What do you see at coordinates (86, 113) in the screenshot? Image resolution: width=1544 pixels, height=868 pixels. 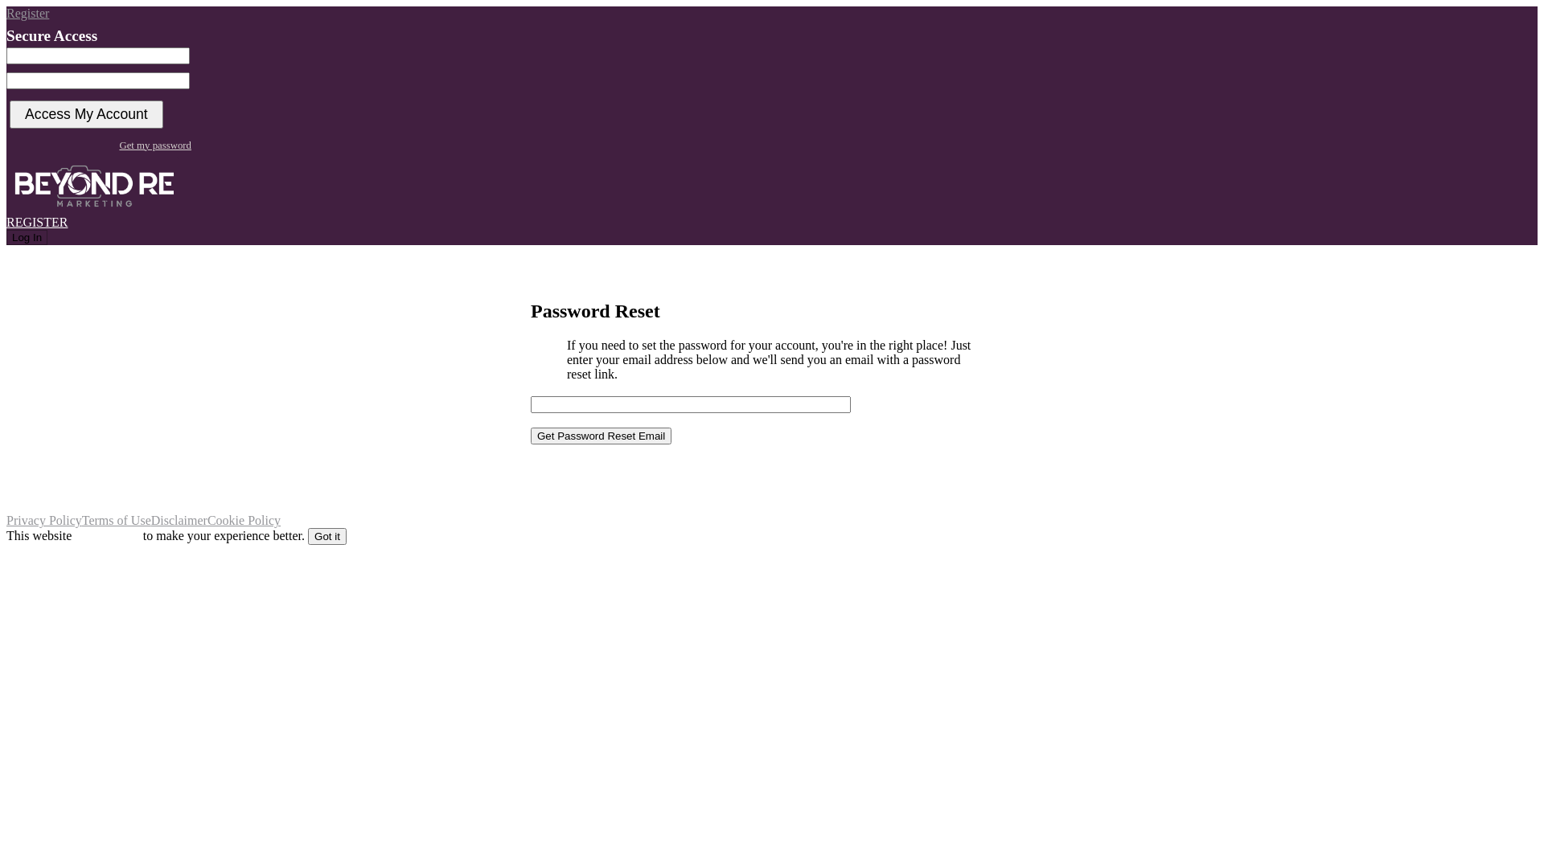 I see `'Access My Account'` at bounding box center [86, 113].